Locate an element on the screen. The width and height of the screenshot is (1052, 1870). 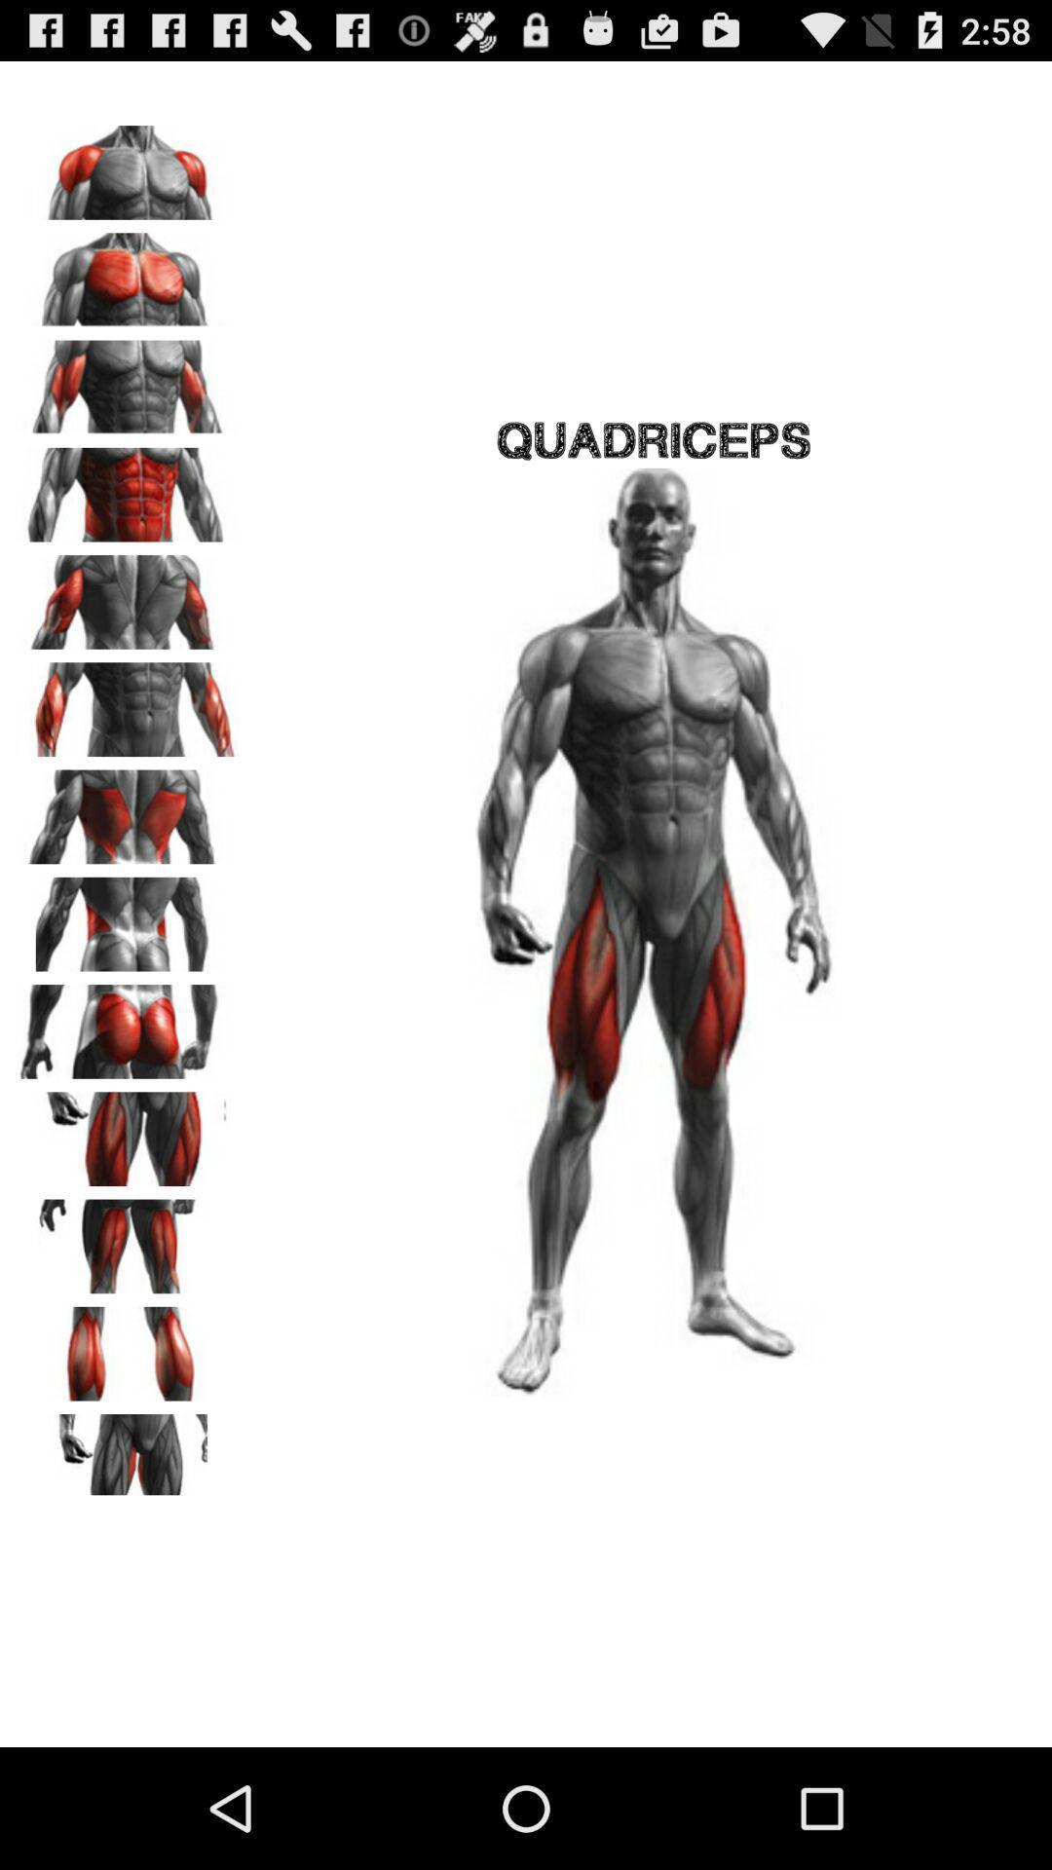
make selection is located at coordinates (128, 381).